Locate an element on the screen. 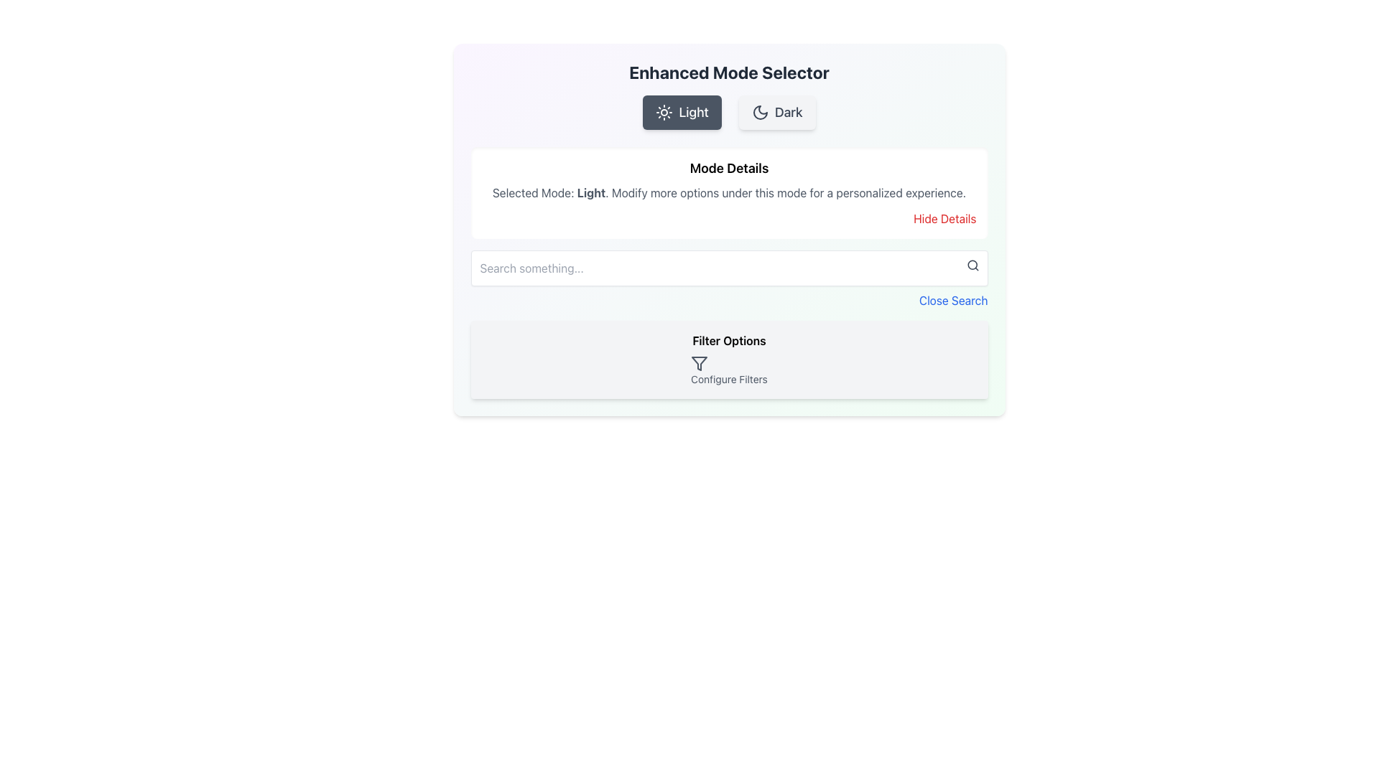  the 'Enhanced Mode Selector' text label, which is a large, bold, dark gray text centered at the top of a light-themed card interface is located at coordinates (729, 72).